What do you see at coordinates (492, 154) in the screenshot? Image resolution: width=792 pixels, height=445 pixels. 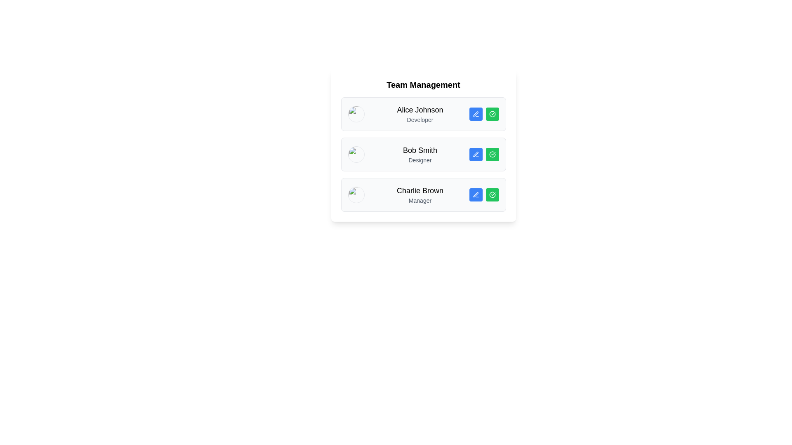 I see `the confirmation icon on the green button associated with 'Bob Smith Designer', located in the second row of the vertical list` at bounding box center [492, 154].